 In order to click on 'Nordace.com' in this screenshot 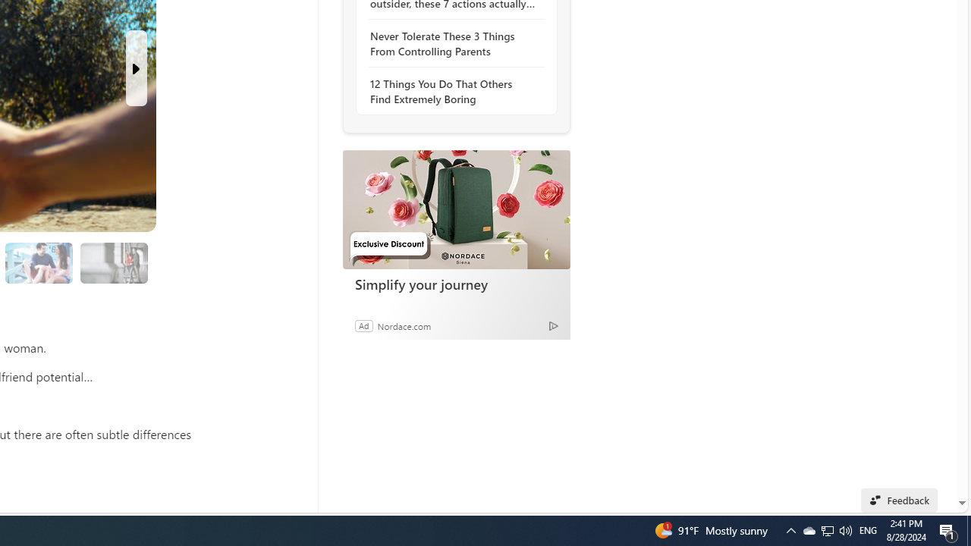, I will do `click(404, 325)`.